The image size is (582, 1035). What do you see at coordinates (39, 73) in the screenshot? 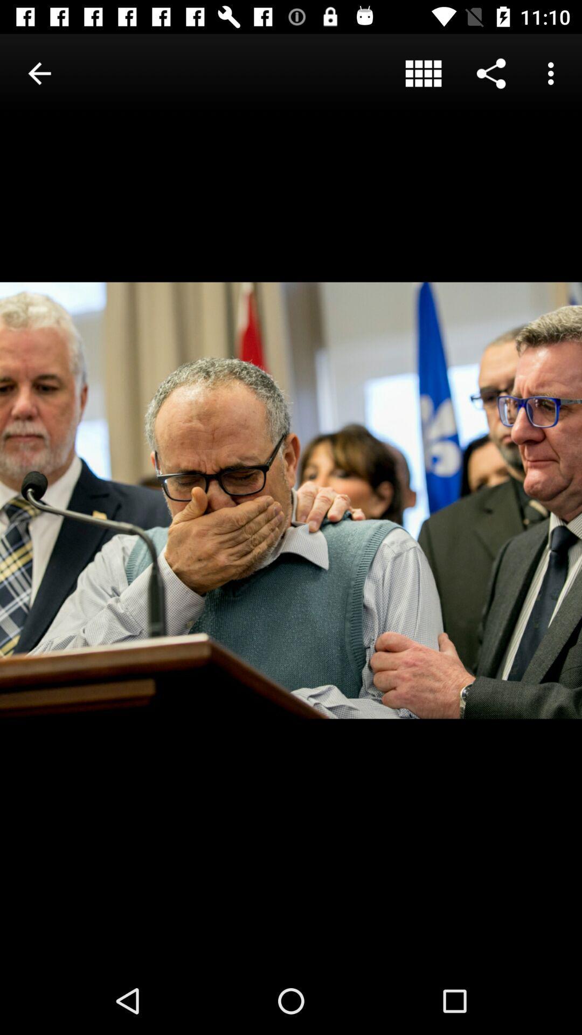
I see `the icon at the top left corner` at bounding box center [39, 73].